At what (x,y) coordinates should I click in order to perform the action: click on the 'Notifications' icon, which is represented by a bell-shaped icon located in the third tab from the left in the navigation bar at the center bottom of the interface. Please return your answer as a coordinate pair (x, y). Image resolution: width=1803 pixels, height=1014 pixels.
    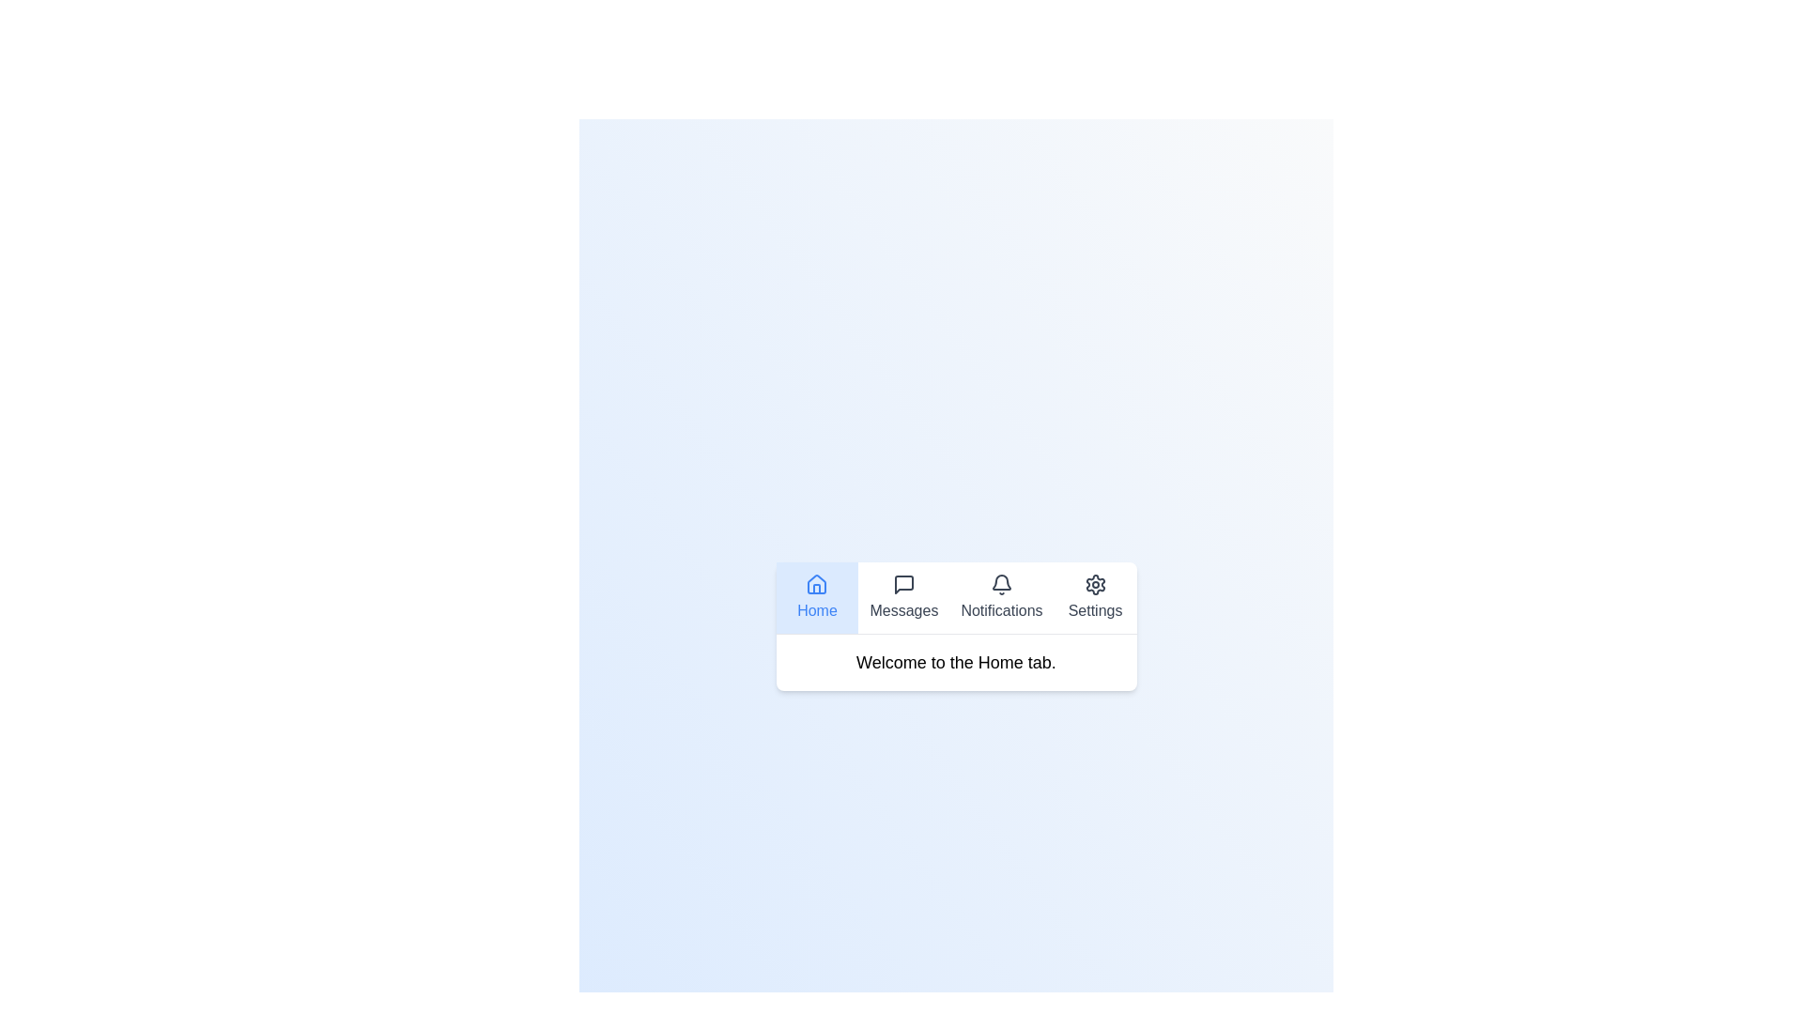
    Looking at the image, I should click on (1000, 581).